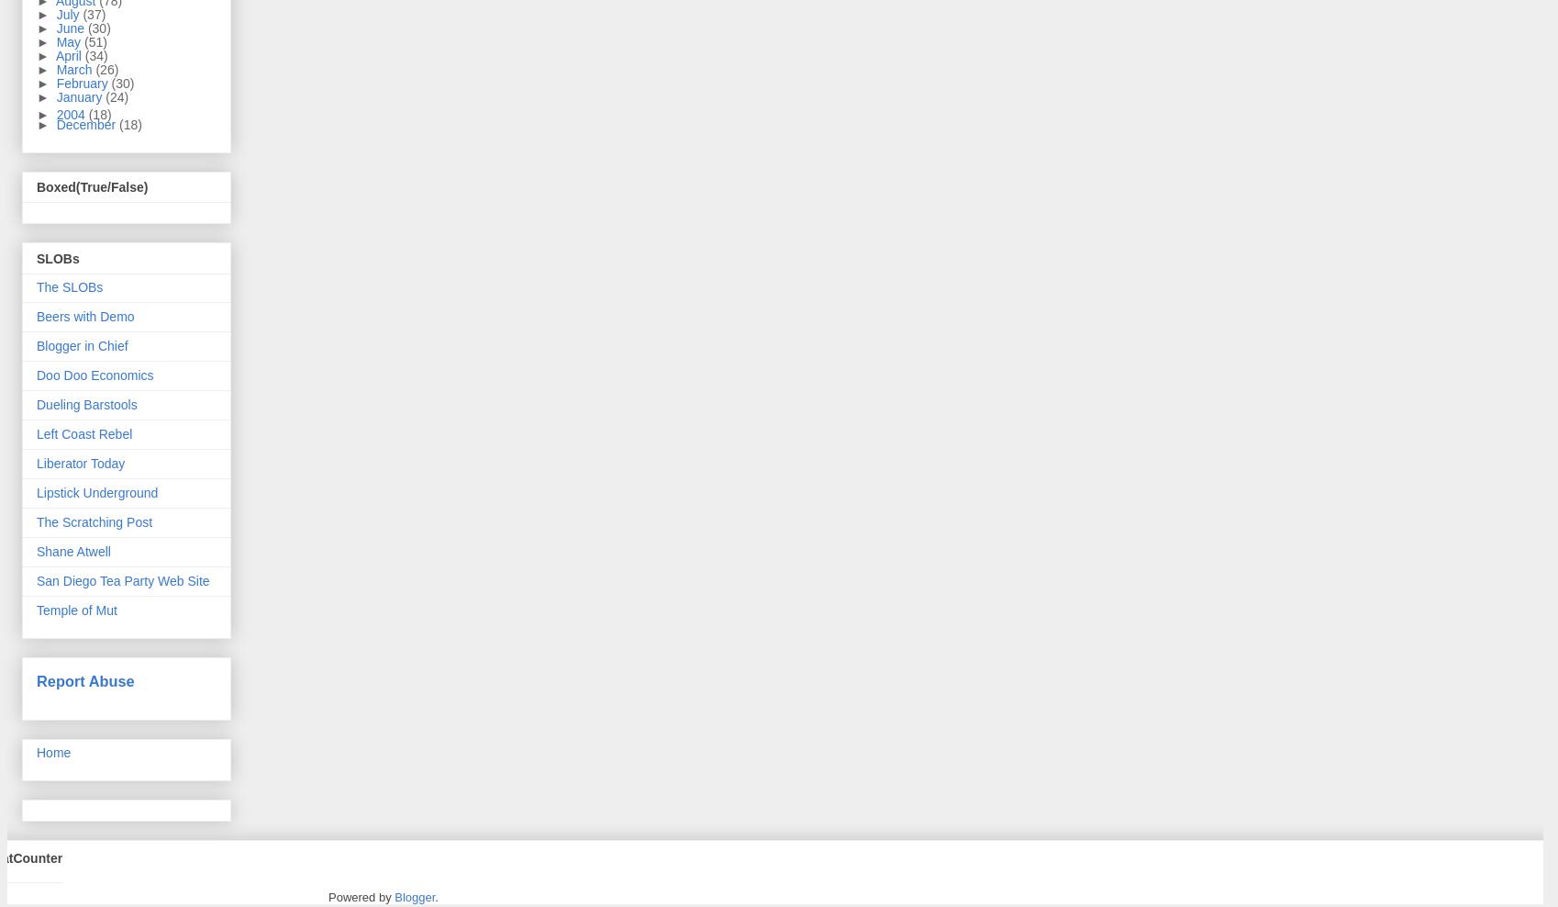 The height and width of the screenshot is (907, 1558). What do you see at coordinates (37, 286) in the screenshot?
I see `'The SLOBs'` at bounding box center [37, 286].